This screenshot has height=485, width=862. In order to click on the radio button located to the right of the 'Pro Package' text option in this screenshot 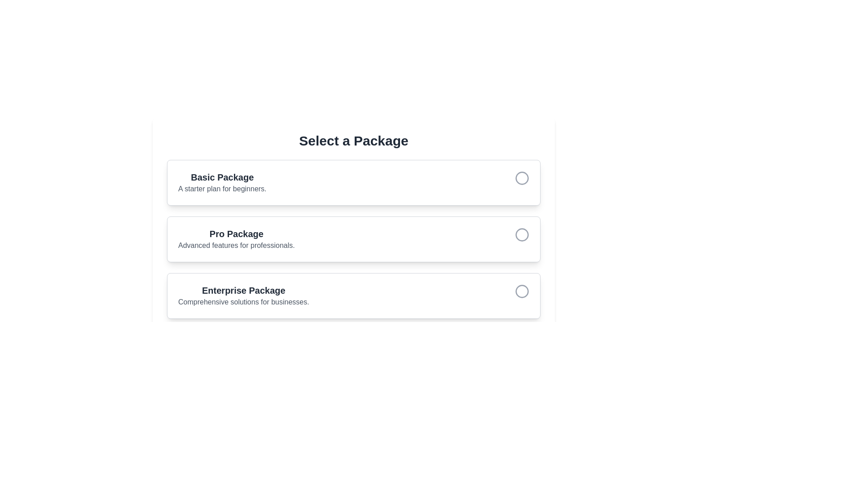, I will do `click(522, 234)`.